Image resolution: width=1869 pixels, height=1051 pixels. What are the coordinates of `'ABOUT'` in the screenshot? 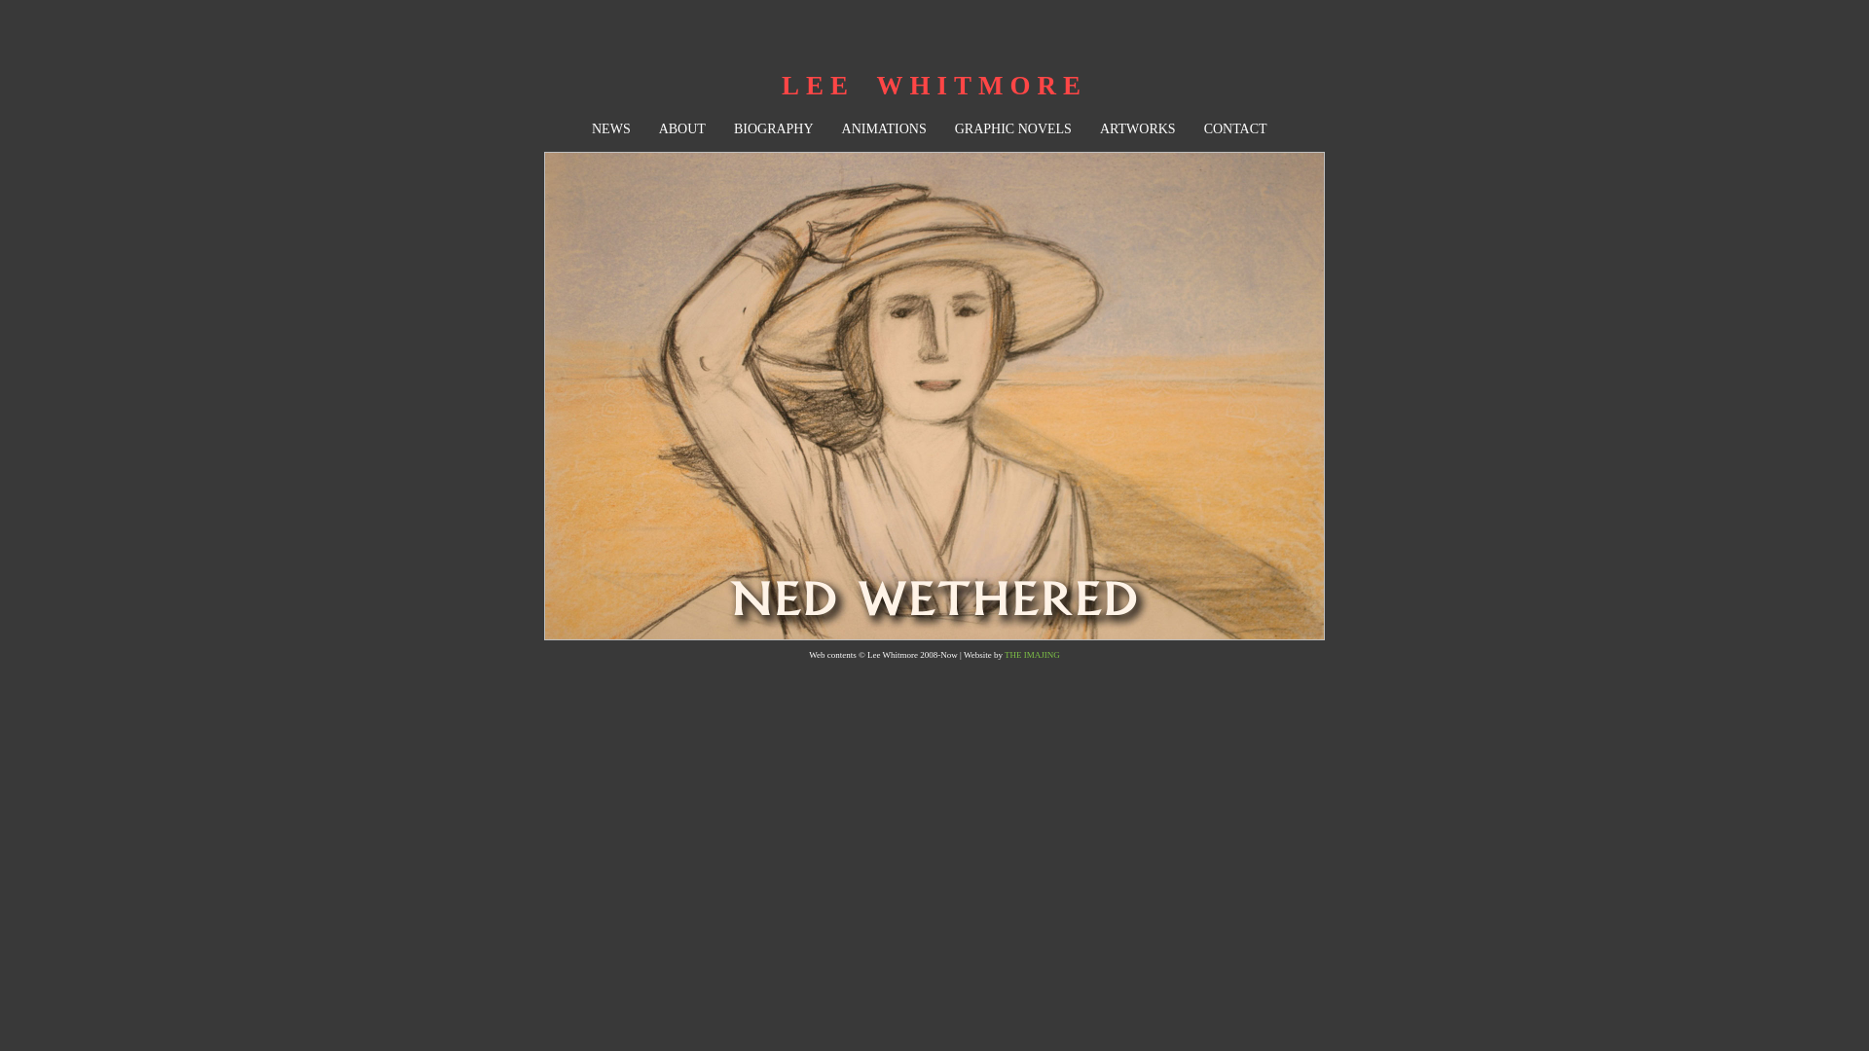 It's located at (658, 128).